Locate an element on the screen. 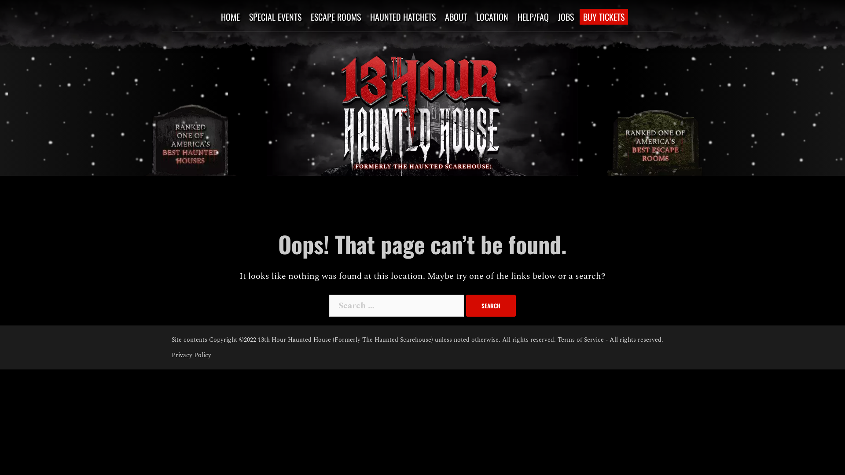 This screenshot has height=475, width=845. 'ABOUT' is located at coordinates (456, 17).